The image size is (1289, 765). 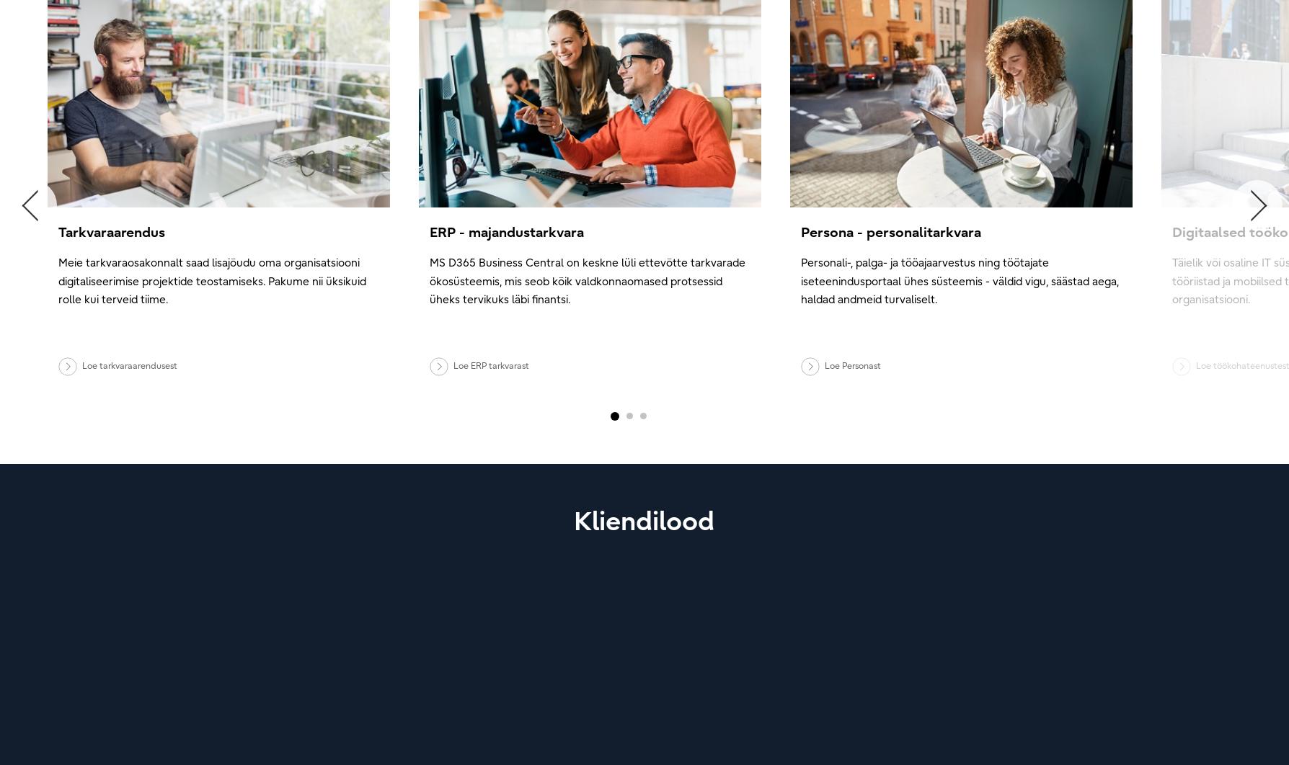 What do you see at coordinates (211, 280) in the screenshot?
I see `'Meie tarkvaraosakonnalt saad lisajõudu oma organisatsiooni digitaliseerimise projektide teostamiseks. Pakume nii üksikuid rolle kui terveid tiime.'` at bounding box center [211, 280].